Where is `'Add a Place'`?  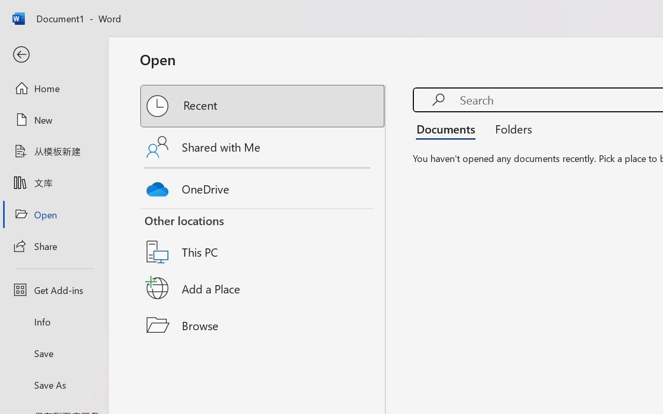
'Add a Place' is located at coordinates (263, 288).